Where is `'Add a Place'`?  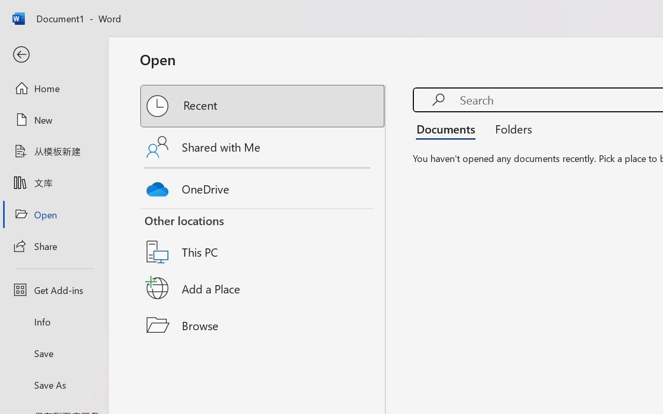
'Add a Place' is located at coordinates (263, 288).